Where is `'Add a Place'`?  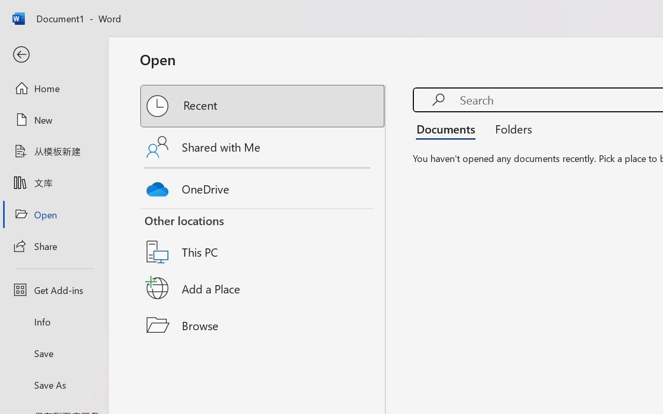
'Add a Place' is located at coordinates (263, 288).